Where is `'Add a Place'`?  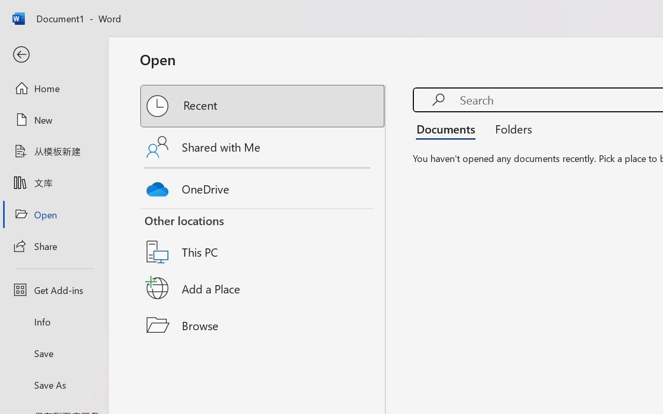
'Add a Place' is located at coordinates (263, 288).